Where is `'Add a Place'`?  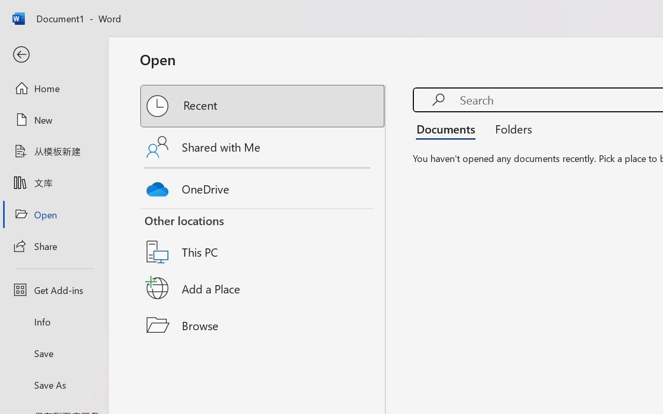
'Add a Place' is located at coordinates (263, 288).